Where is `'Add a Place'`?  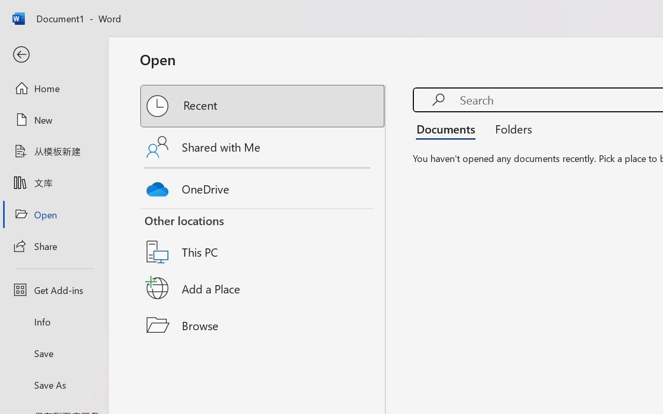
'Add a Place' is located at coordinates (263, 288).